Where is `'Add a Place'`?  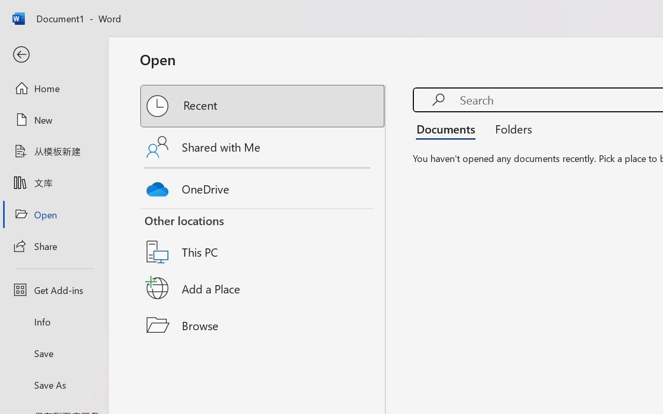
'Add a Place' is located at coordinates (263, 288).